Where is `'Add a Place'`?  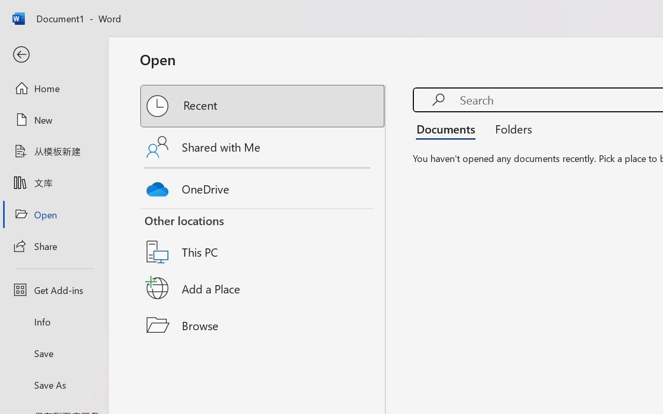
'Add a Place' is located at coordinates (263, 288).